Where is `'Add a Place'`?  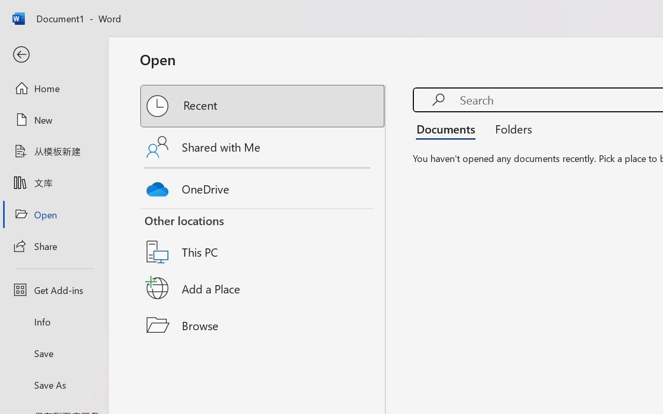
'Add a Place' is located at coordinates (263, 288).